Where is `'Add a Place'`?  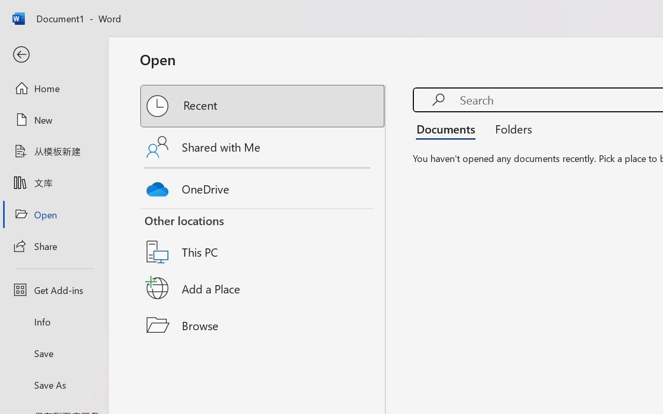
'Add a Place' is located at coordinates (263, 288).